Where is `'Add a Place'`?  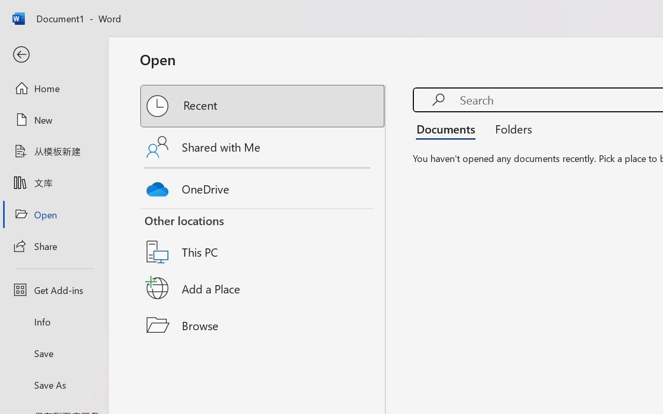
'Add a Place' is located at coordinates (263, 288).